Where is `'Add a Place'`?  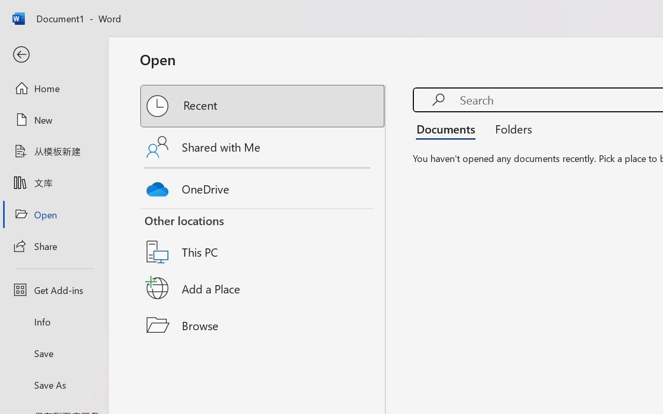
'Add a Place' is located at coordinates (263, 288).